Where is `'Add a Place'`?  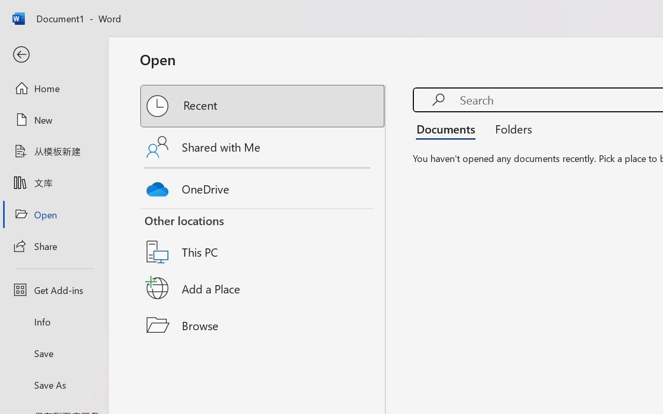
'Add a Place' is located at coordinates (263, 288).